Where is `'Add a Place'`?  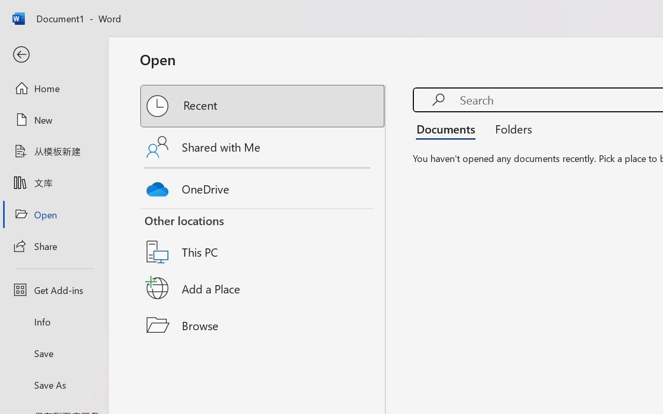
'Add a Place' is located at coordinates (263, 288).